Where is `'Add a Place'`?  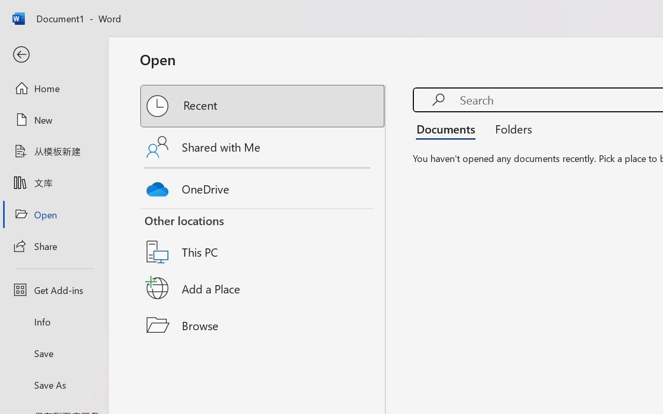
'Add a Place' is located at coordinates (263, 288).